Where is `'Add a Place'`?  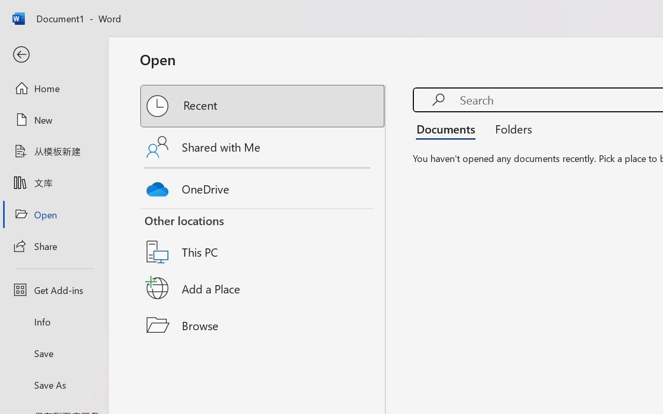
'Add a Place' is located at coordinates (263, 288).